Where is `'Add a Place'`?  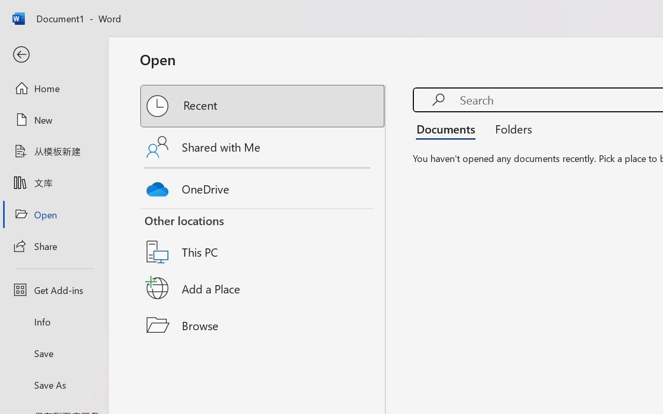
'Add a Place' is located at coordinates (263, 288).